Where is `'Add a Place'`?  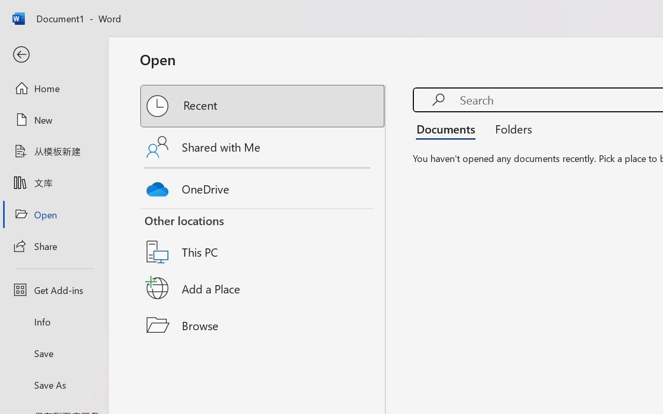
'Add a Place' is located at coordinates (263, 288).